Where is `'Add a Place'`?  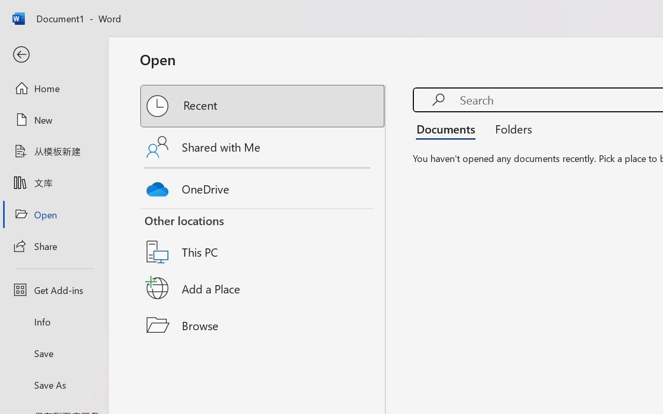
'Add a Place' is located at coordinates (263, 288).